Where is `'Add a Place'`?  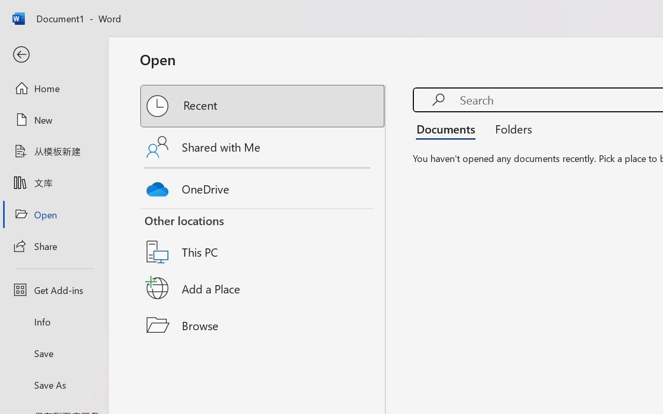
'Add a Place' is located at coordinates (263, 288).